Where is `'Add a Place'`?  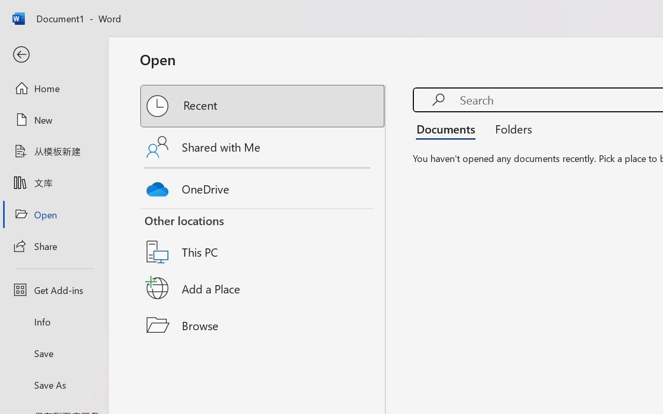
'Add a Place' is located at coordinates (263, 288).